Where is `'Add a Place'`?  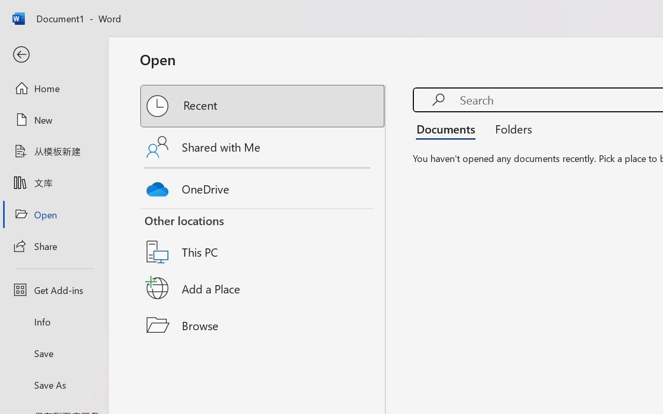
'Add a Place' is located at coordinates (263, 288).